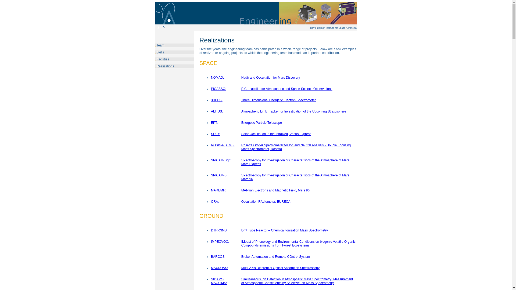  What do you see at coordinates (219, 268) in the screenshot?
I see `'MAXDOAS:'` at bounding box center [219, 268].